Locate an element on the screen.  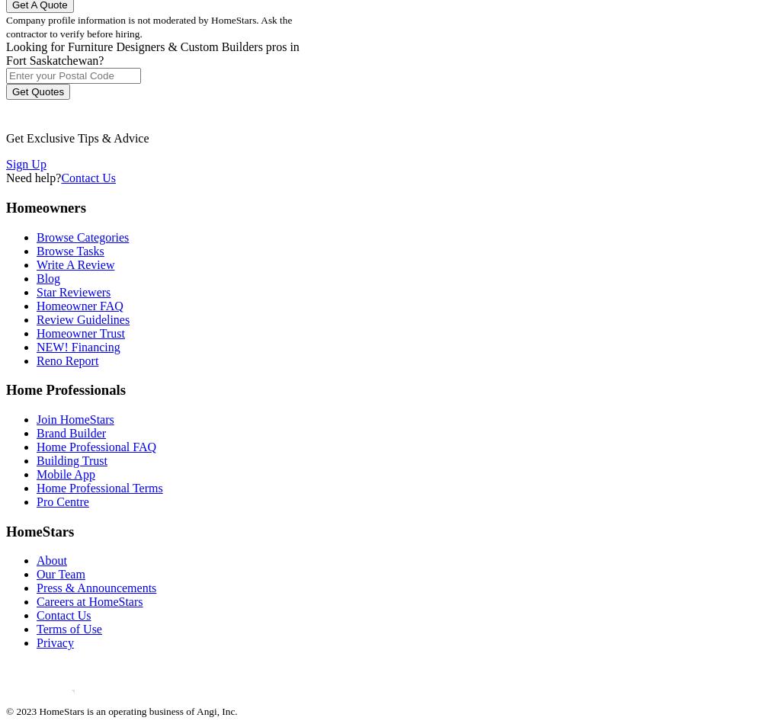
'Terms of Use' is located at coordinates (68, 628).